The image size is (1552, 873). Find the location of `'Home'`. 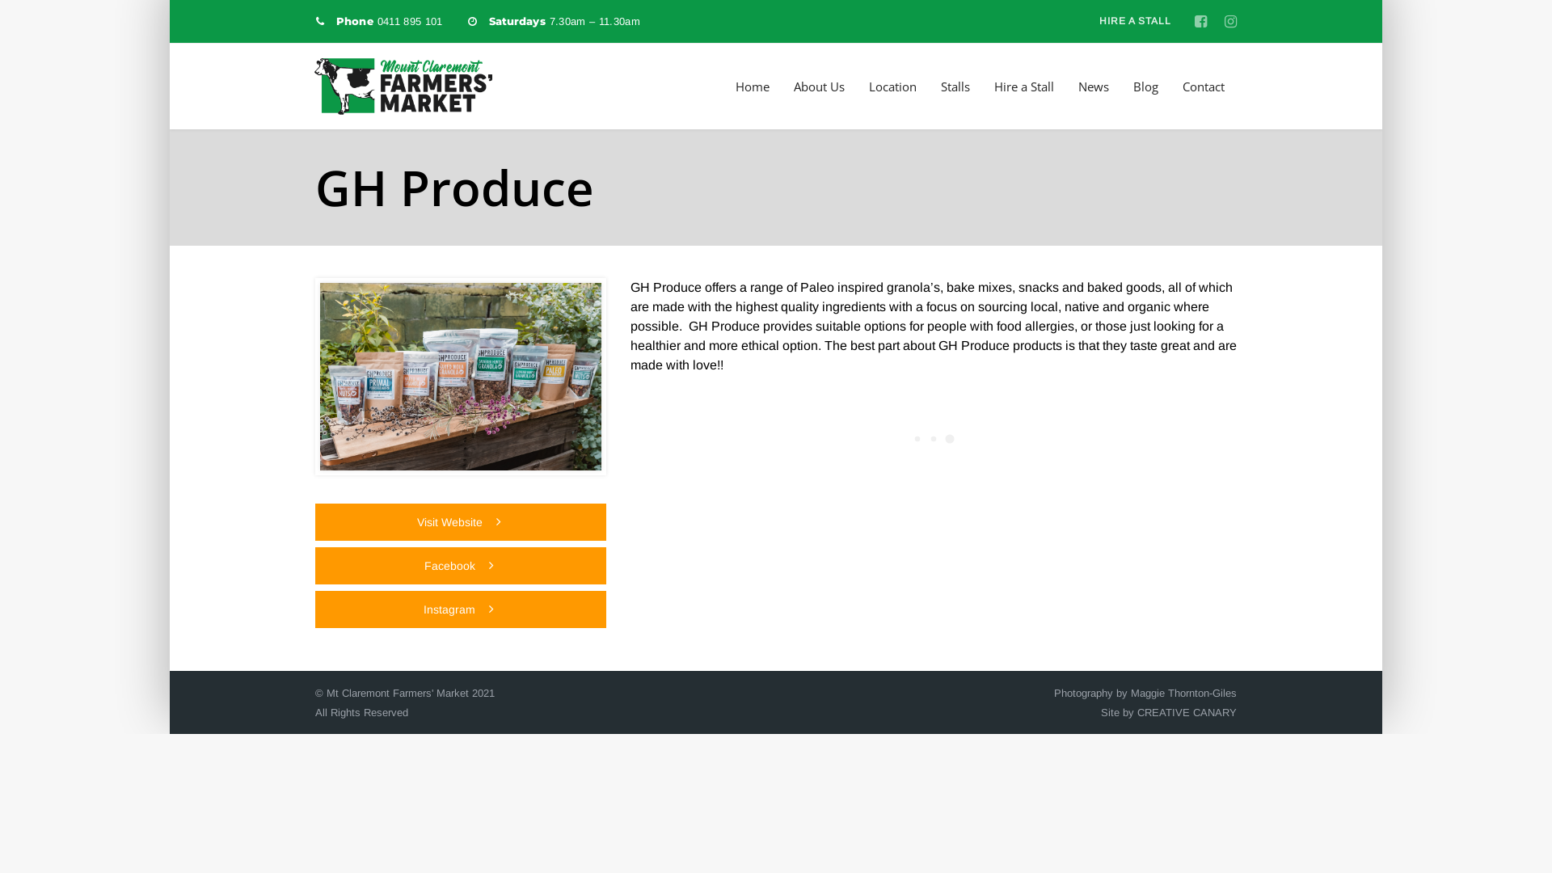

'Home' is located at coordinates (752, 86).